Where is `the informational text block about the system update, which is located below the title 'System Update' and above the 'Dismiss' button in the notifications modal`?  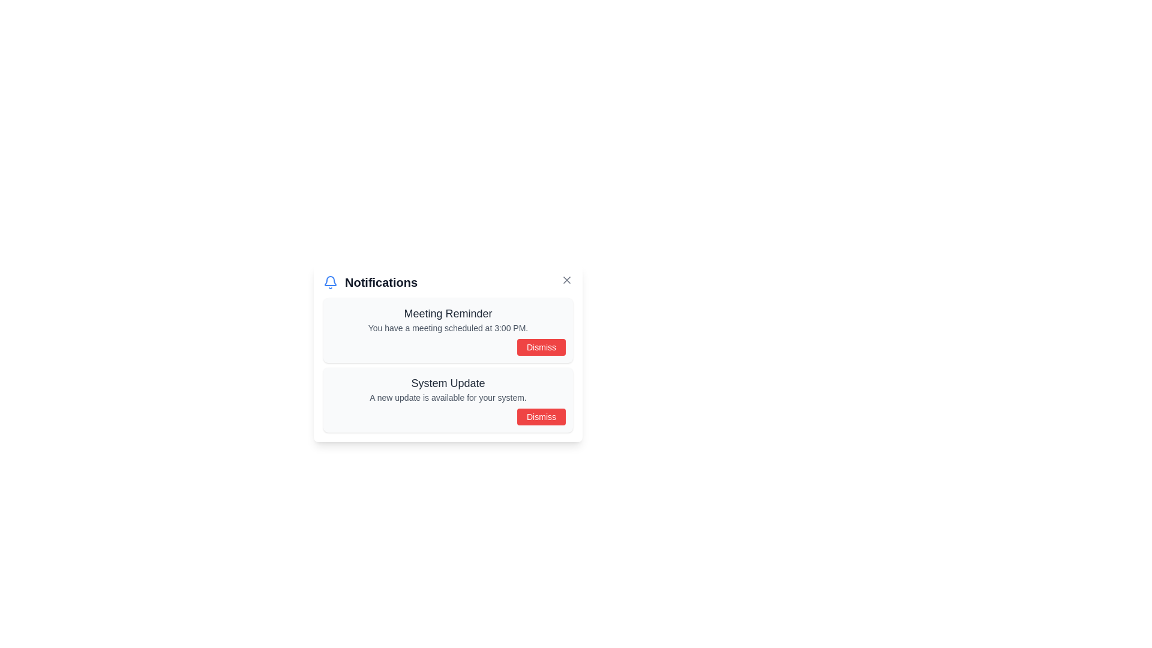 the informational text block about the system update, which is located below the title 'System Update' and above the 'Dismiss' button in the notifications modal is located at coordinates (448, 398).